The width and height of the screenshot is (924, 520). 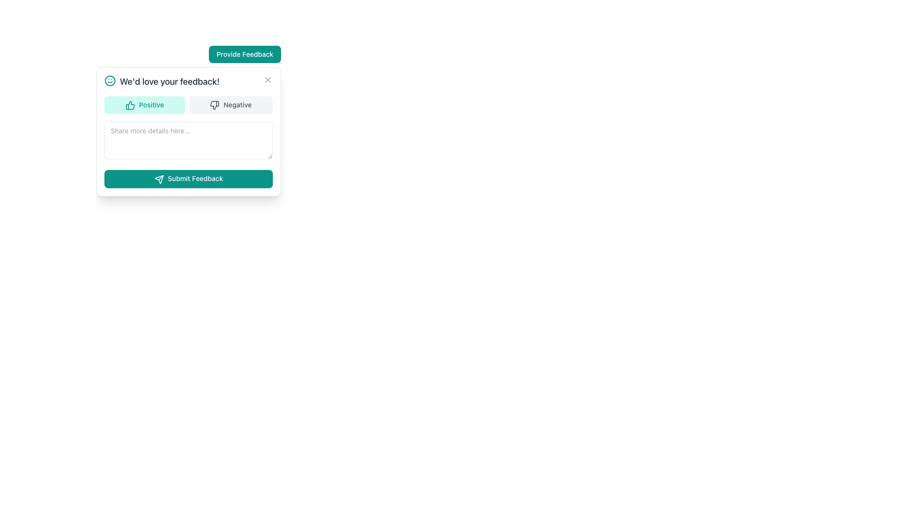 What do you see at coordinates (129, 105) in the screenshot?
I see `the thumbs-up icon located within the feedback modal, to the left of the 'Positive' feedback option` at bounding box center [129, 105].